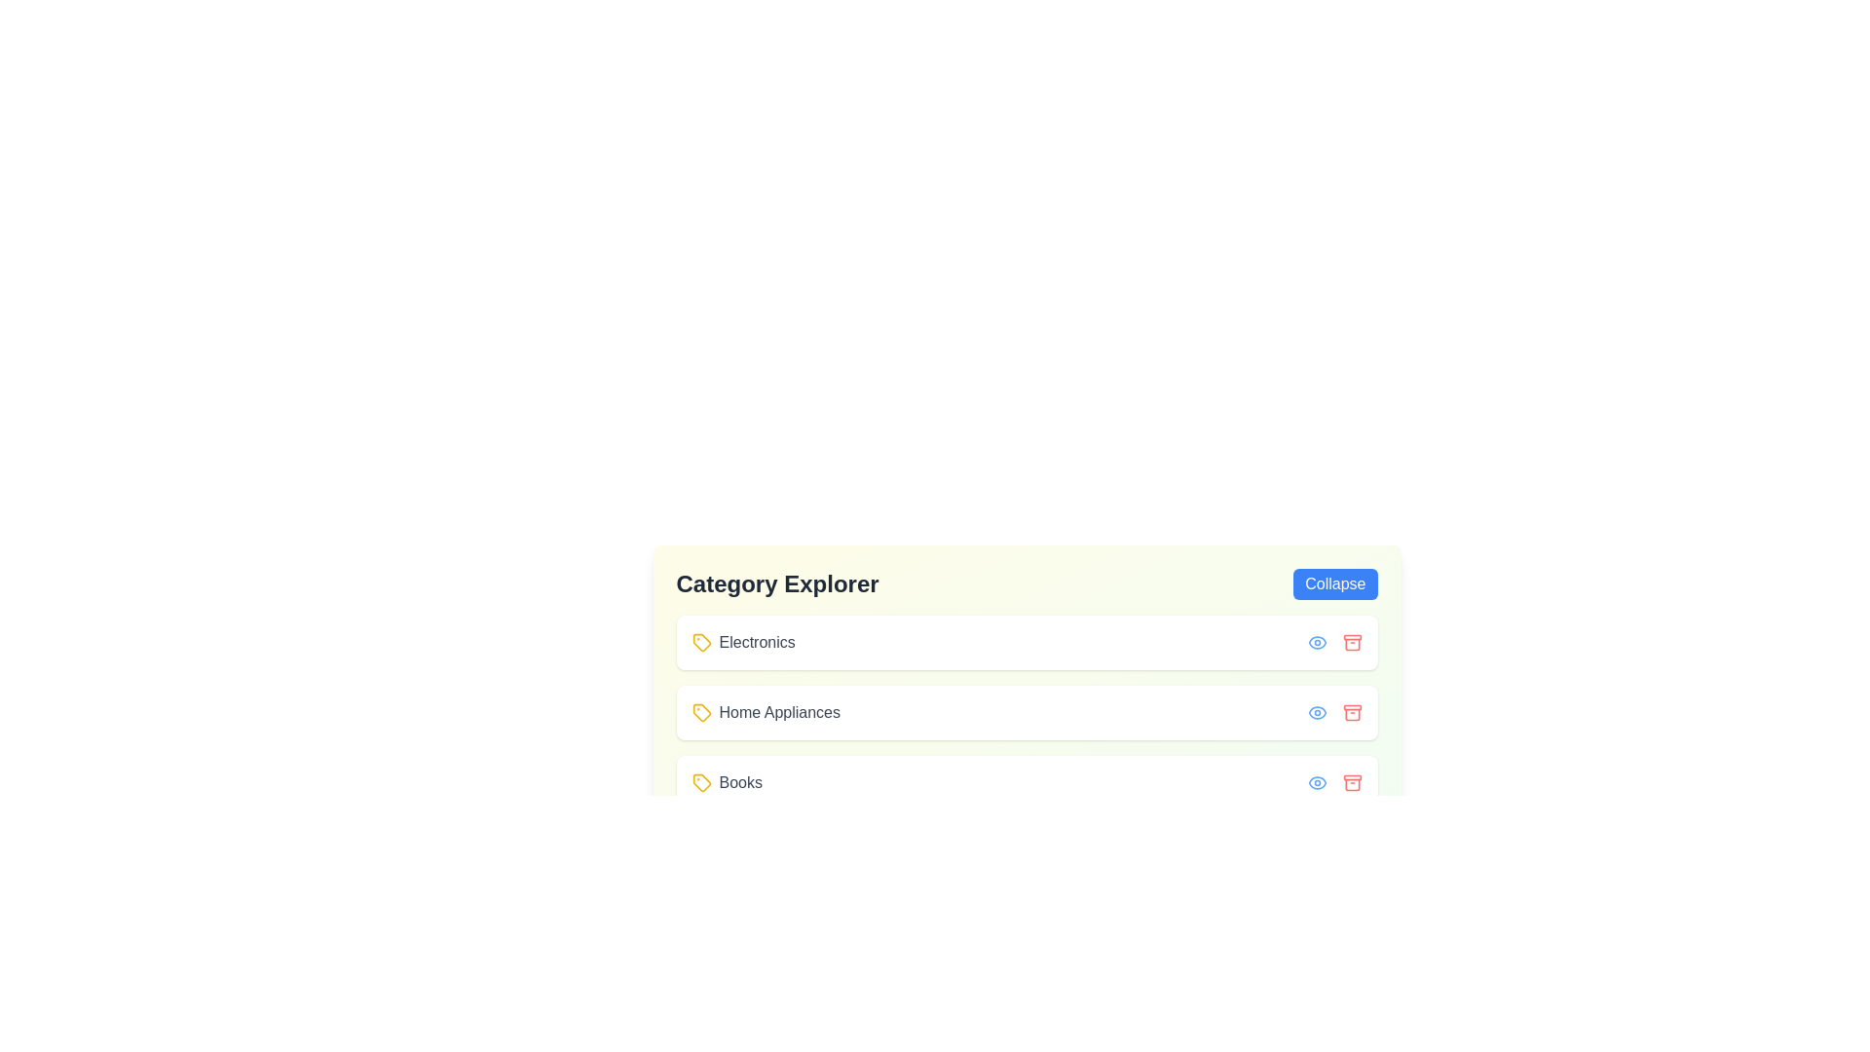  Describe the element at coordinates (1317, 781) in the screenshot. I see `the eye graphic icon located to the far right of the 'Electronics' category row in the 'Category Explorer' section` at that location.